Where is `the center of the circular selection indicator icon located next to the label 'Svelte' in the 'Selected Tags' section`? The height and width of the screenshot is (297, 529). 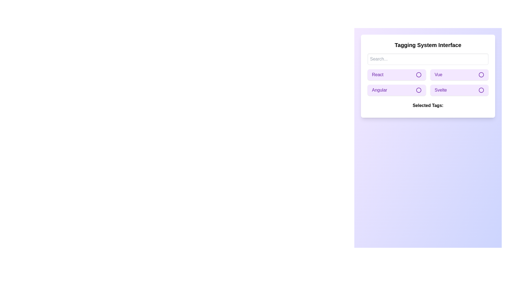
the center of the circular selection indicator icon located next to the label 'Svelte' in the 'Selected Tags' section is located at coordinates (481, 90).